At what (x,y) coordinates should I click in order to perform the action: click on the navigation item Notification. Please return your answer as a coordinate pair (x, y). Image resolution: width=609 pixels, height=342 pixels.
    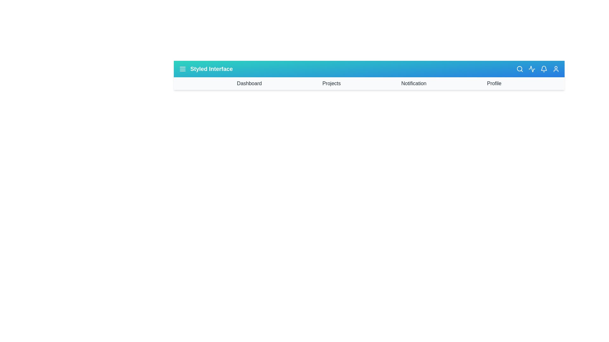
    Looking at the image, I should click on (414, 83).